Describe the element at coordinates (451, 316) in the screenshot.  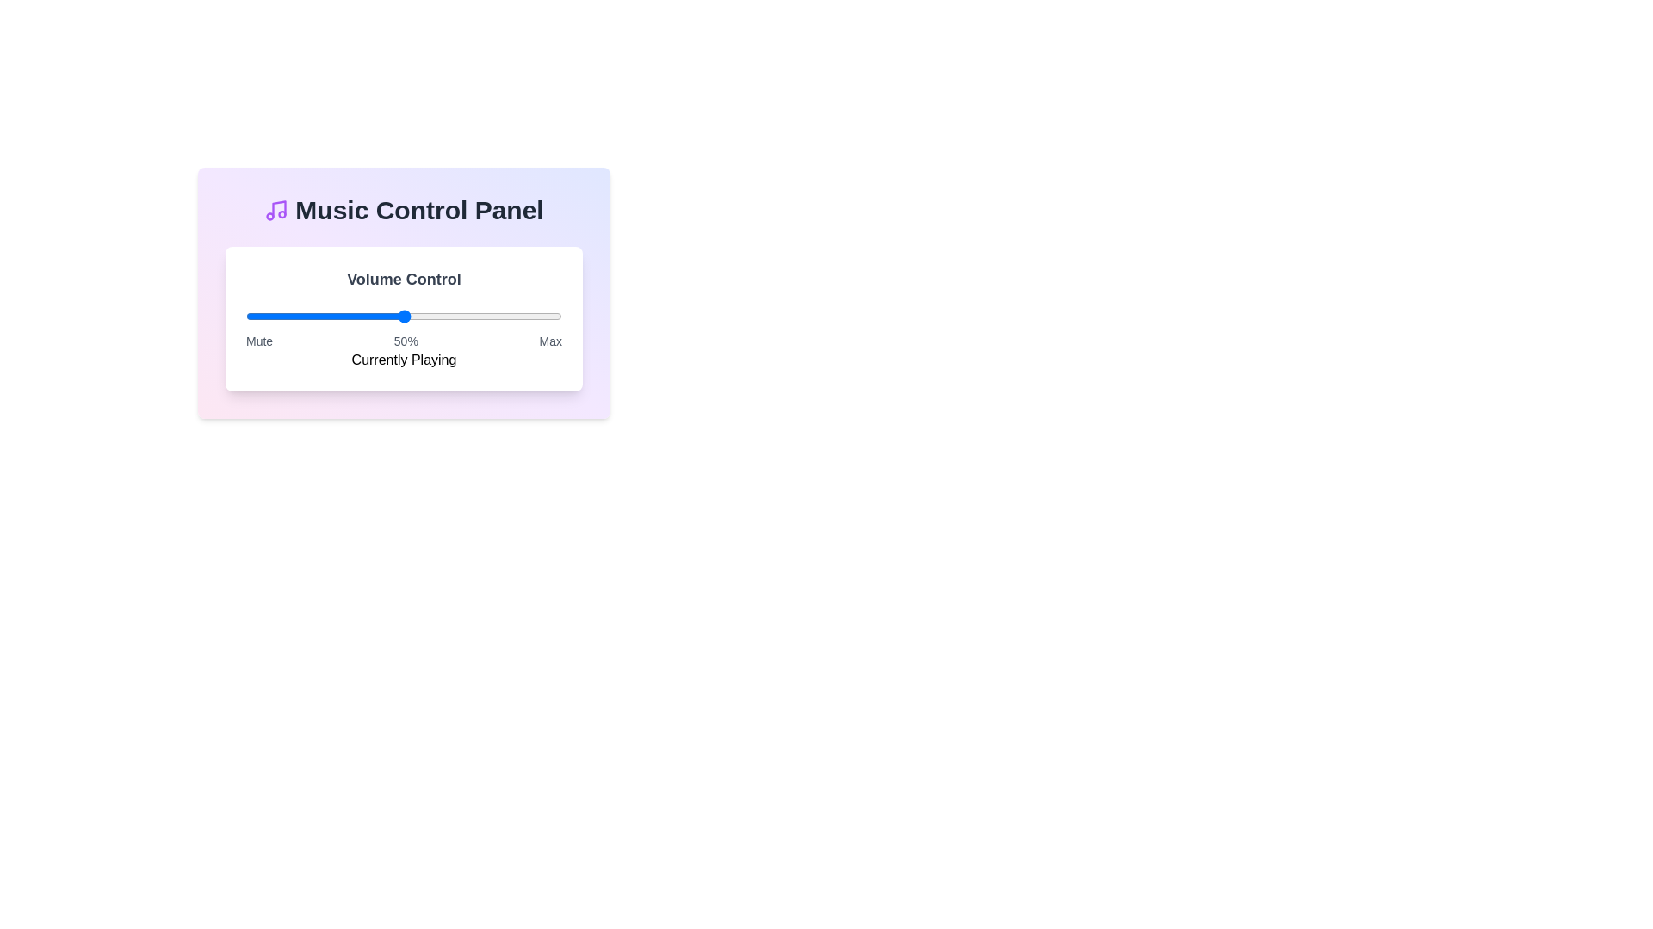
I see `the volume slider to 65% level` at that location.